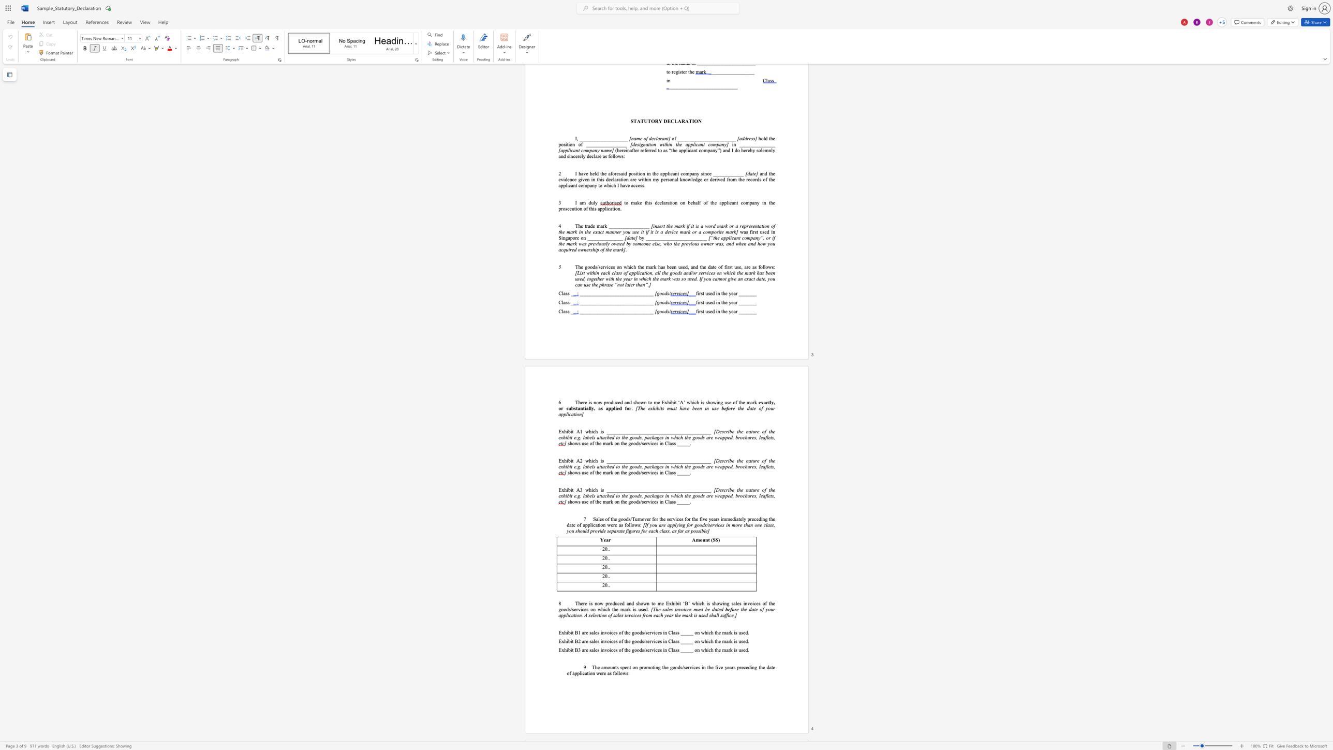  I want to click on the 6th character "s" in the text, so click(772, 466).